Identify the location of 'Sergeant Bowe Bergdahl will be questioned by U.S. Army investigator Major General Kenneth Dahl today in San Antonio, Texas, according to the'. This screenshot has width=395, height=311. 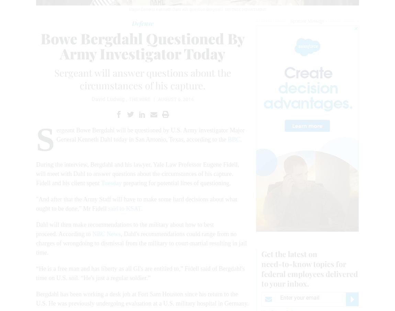
(140, 139).